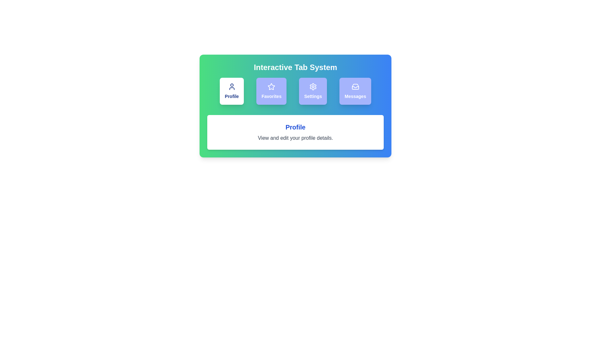 The height and width of the screenshot is (347, 616). Describe the element at coordinates (355, 91) in the screenshot. I see `the tab labeled Messages to observe its hover effect` at that location.